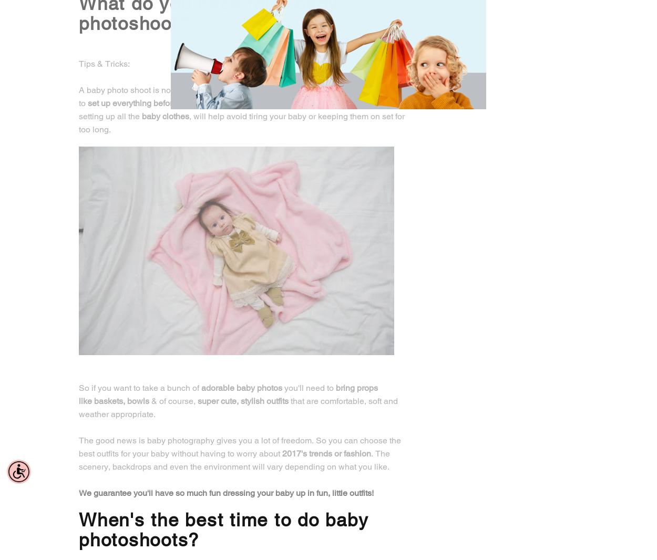 This screenshot has width=657, height=560. What do you see at coordinates (104, 63) in the screenshot?
I see `'Tips & Tricks:'` at bounding box center [104, 63].